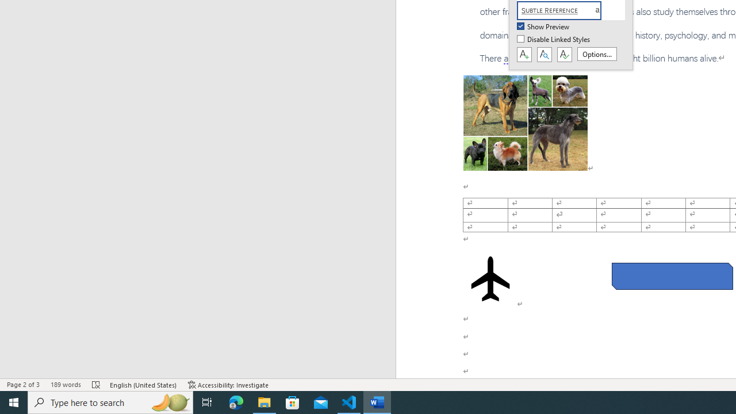  Describe the element at coordinates (566, 10) in the screenshot. I see `'Subtle Reference'` at that location.